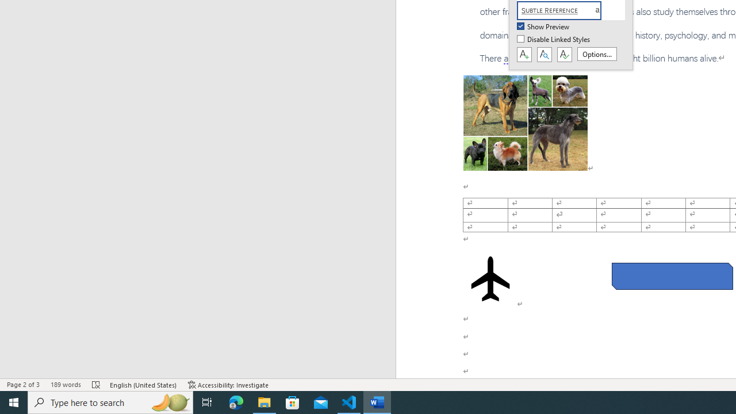  Describe the element at coordinates (566, 10) in the screenshot. I see `'Subtle Reference'` at that location.